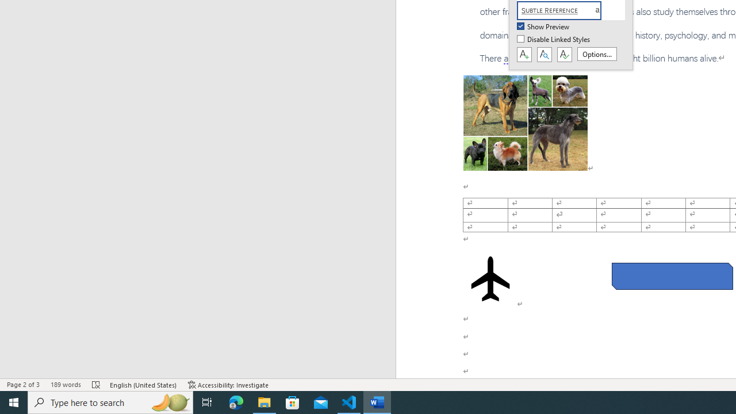  Describe the element at coordinates (566, 10) in the screenshot. I see `'Subtle Reference'` at that location.